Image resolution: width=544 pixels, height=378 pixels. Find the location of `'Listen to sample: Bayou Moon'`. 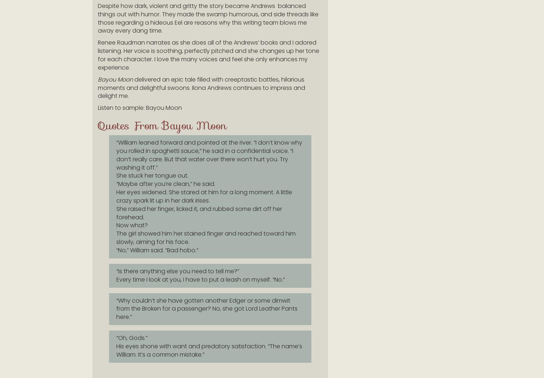

'Listen to sample: Bayou Moon' is located at coordinates (140, 108).